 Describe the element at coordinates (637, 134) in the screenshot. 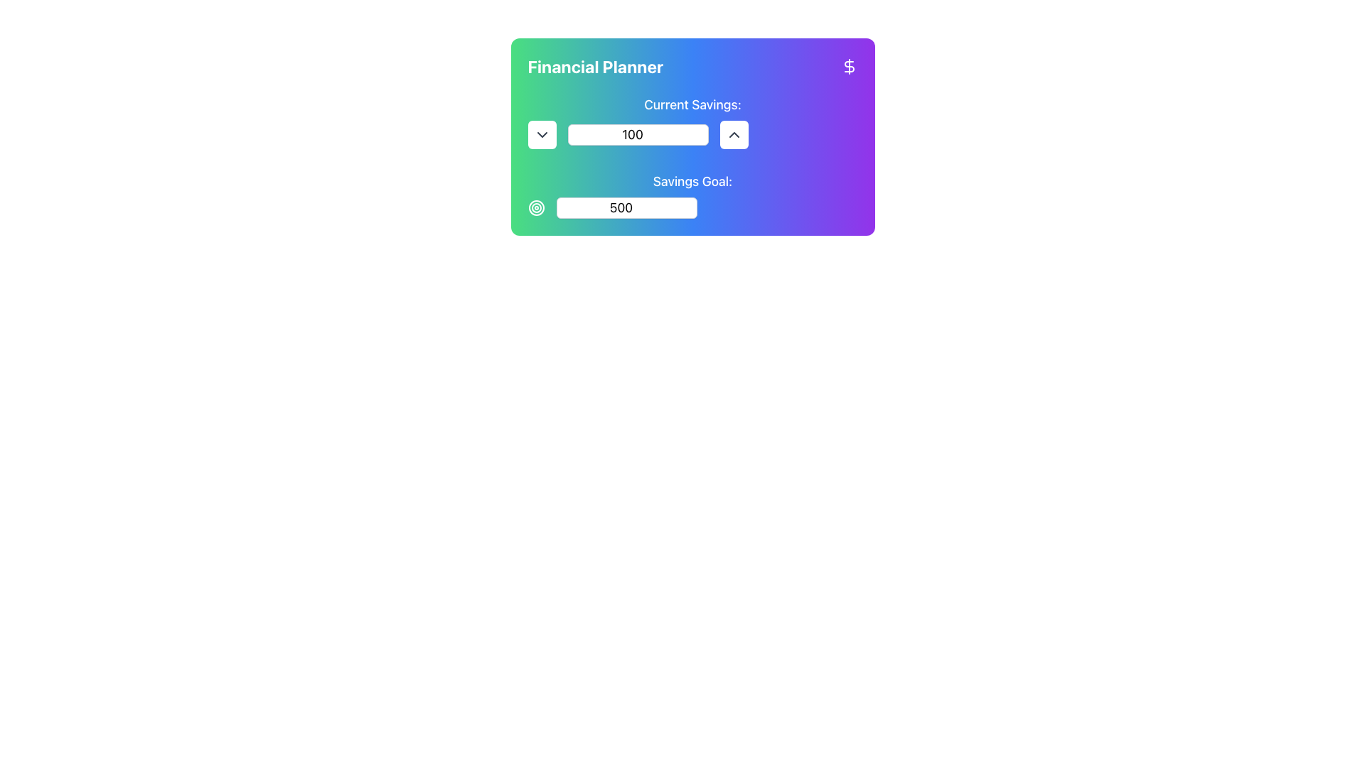

I see `to focus on the numeric input field for 'Current Savings', located centrally between two arrow buttons` at that location.